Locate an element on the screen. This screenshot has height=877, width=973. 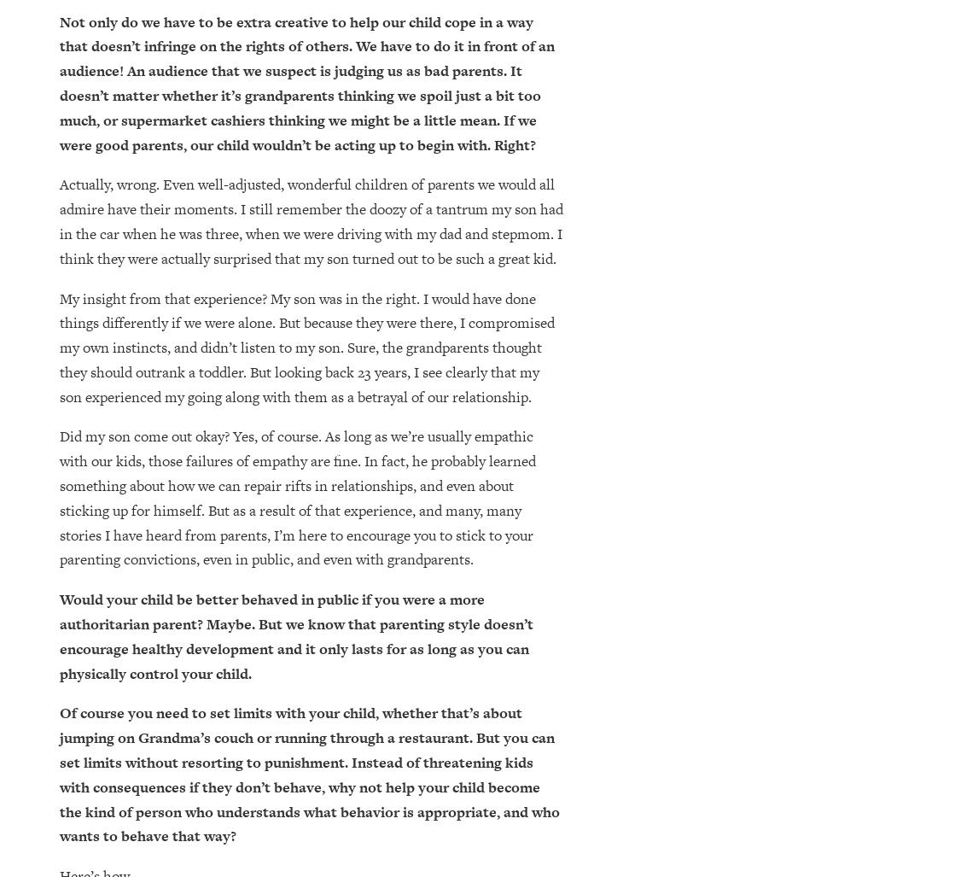
'By continuing, you agree to the updated Terms of Sale,' is located at coordinates (232, 672).